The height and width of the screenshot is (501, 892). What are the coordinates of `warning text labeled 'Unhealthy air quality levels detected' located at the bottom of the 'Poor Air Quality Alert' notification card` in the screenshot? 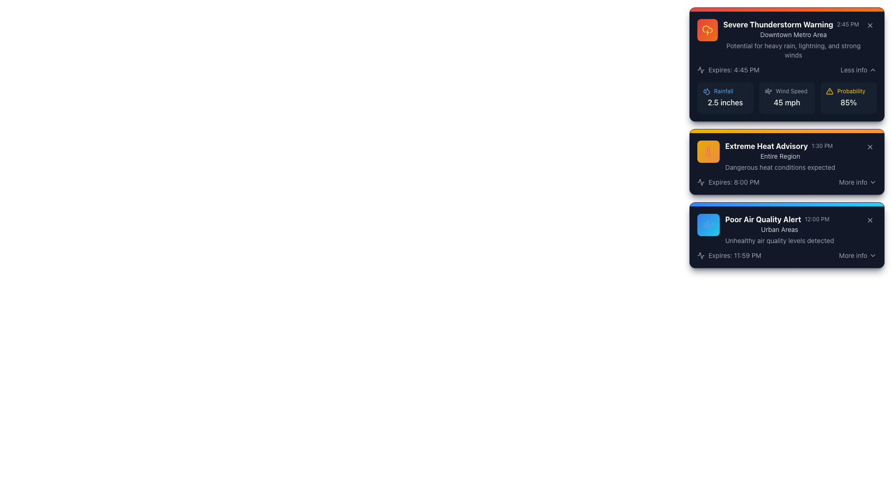 It's located at (780, 240).